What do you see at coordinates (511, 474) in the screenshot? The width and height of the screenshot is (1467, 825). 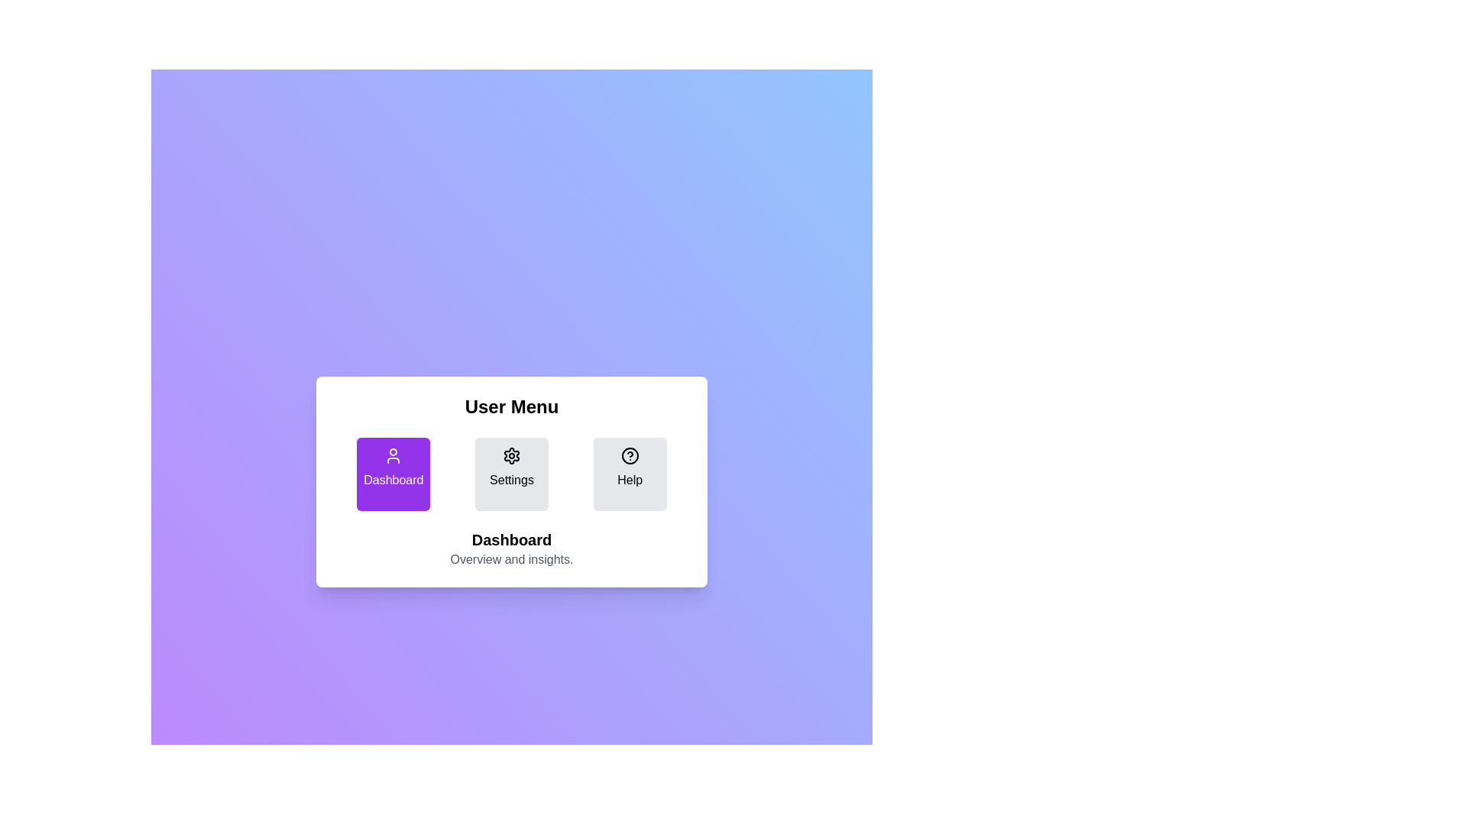 I see `the menu button Settings to observe visual changes` at bounding box center [511, 474].